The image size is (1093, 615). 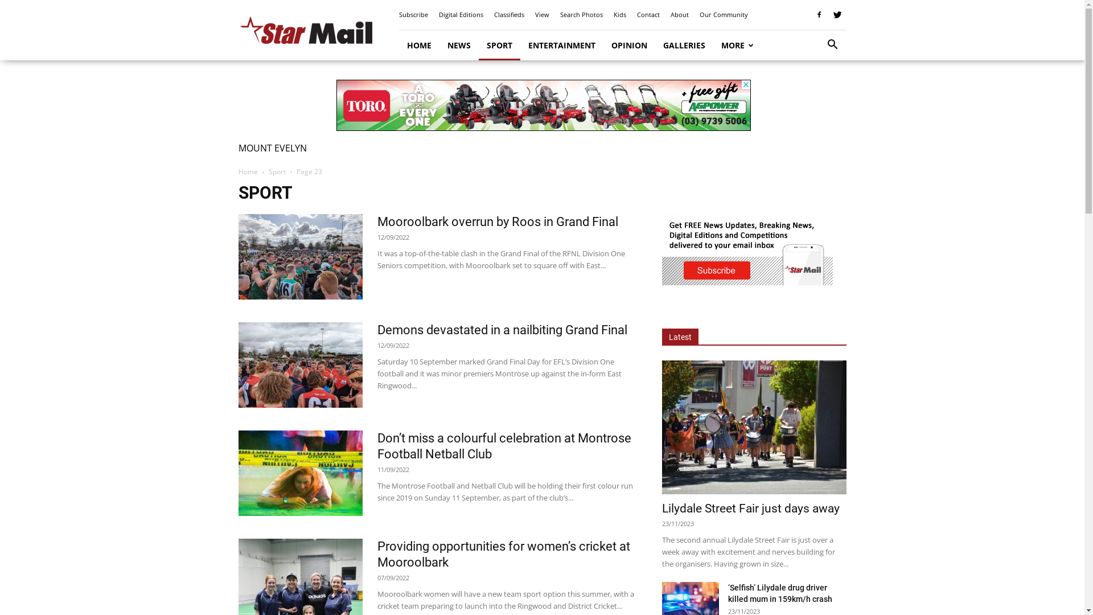 What do you see at coordinates (437, 14) in the screenshot?
I see `'Digital Editions'` at bounding box center [437, 14].